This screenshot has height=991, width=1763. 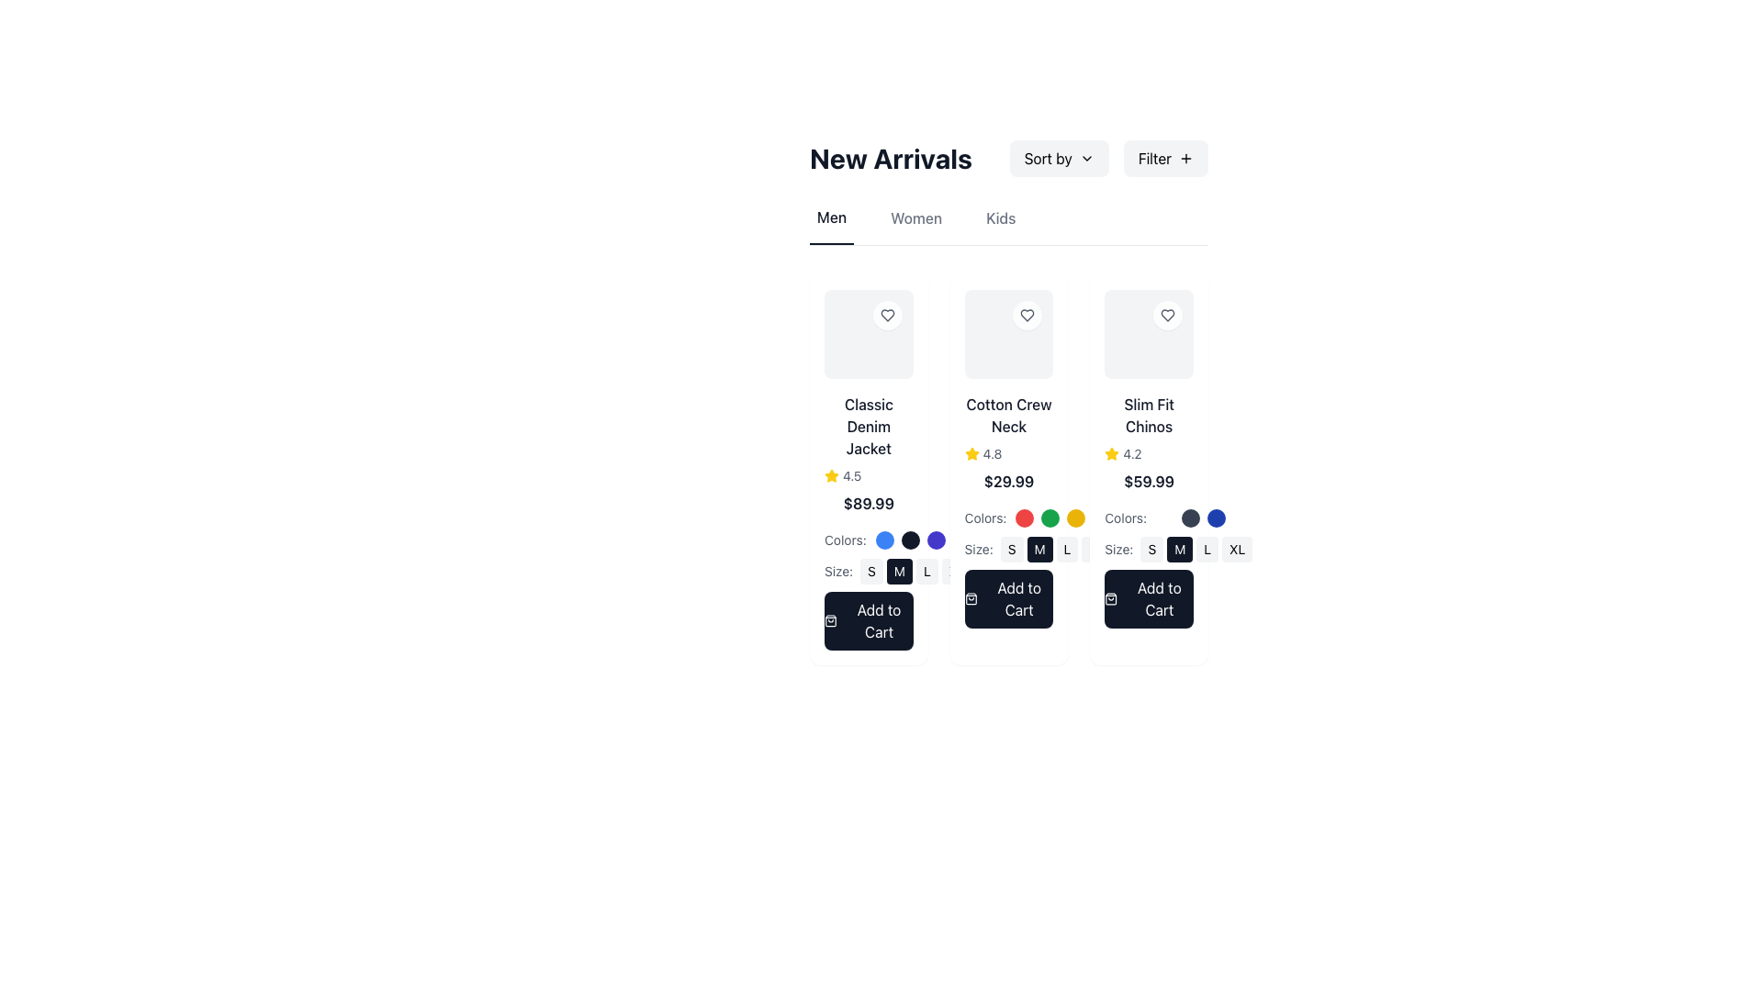 What do you see at coordinates (837, 570) in the screenshot?
I see `the text label displaying 'Size:' in gray color within the product card for the first clothing item in the 'New Arrivals' section` at bounding box center [837, 570].